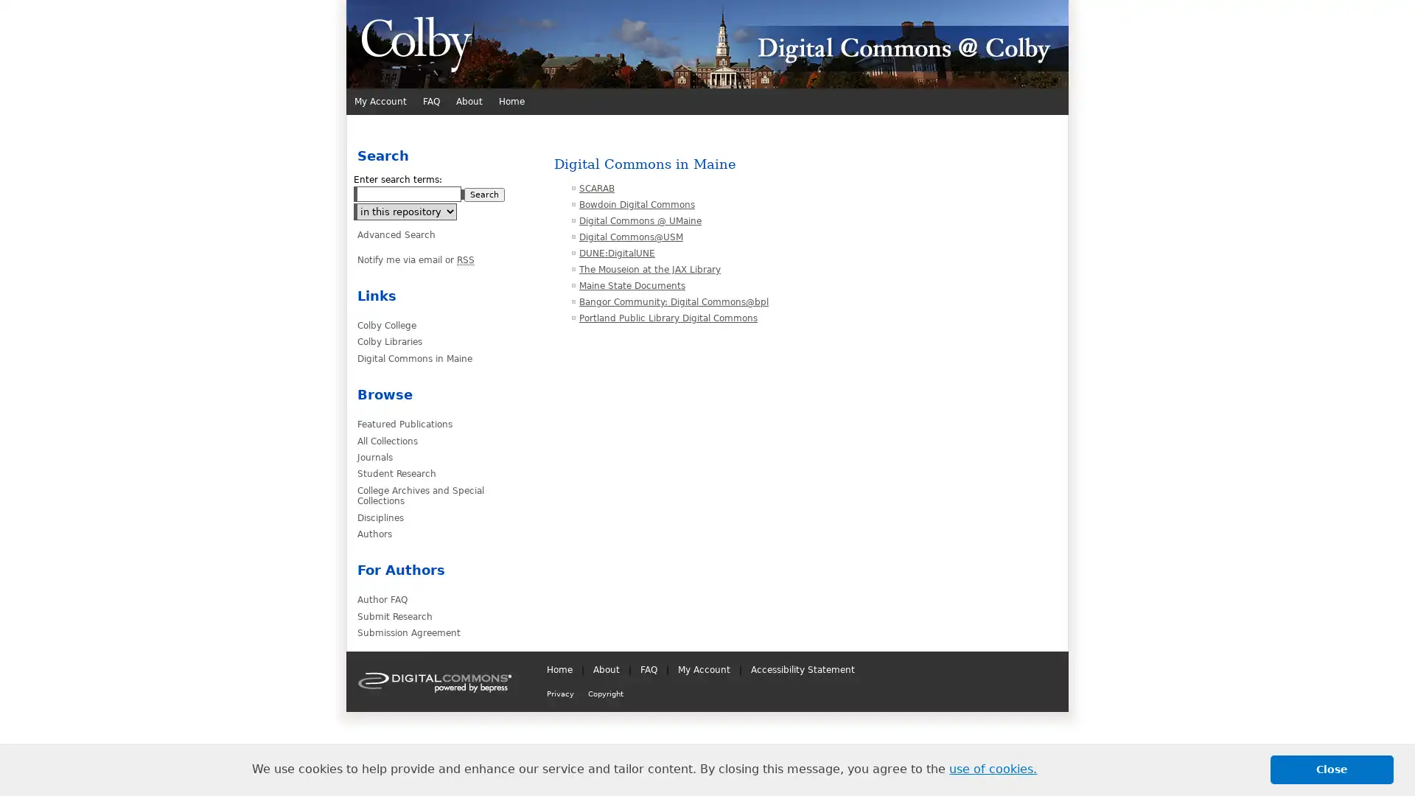 The image size is (1415, 796). What do you see at coordinates (484, 194) in the screenshot?
I see `Search` at bounding box center [484, 194].